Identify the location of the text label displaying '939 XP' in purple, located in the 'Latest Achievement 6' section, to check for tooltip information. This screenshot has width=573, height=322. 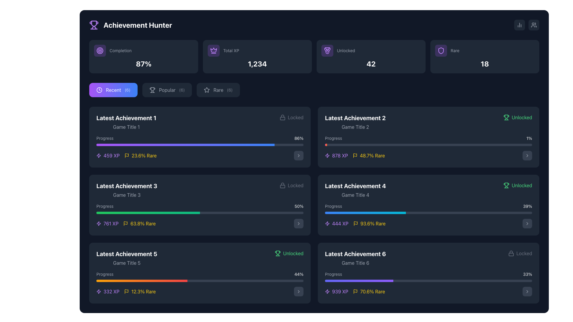
(340, 291).